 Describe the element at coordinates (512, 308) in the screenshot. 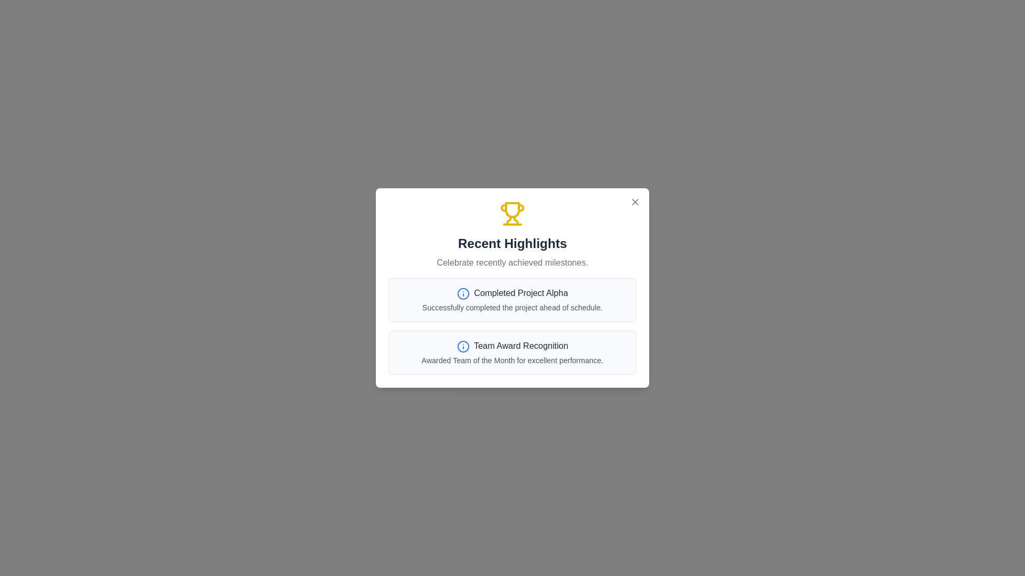

I see `the text element that reads 'Successfully completed the project ahead of schedule.' which is located below the title 'Completed Project Alpha' in the dialog box titled 'Recent Highlights'` at that location.